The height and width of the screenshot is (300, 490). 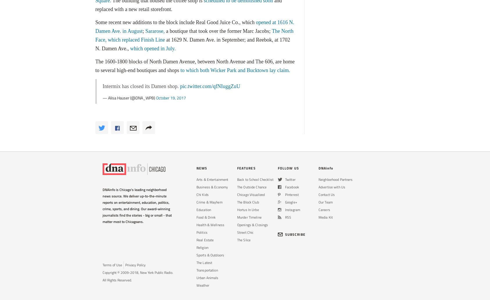 I want to click on 'Media Kit', so click(x=326, y=217).